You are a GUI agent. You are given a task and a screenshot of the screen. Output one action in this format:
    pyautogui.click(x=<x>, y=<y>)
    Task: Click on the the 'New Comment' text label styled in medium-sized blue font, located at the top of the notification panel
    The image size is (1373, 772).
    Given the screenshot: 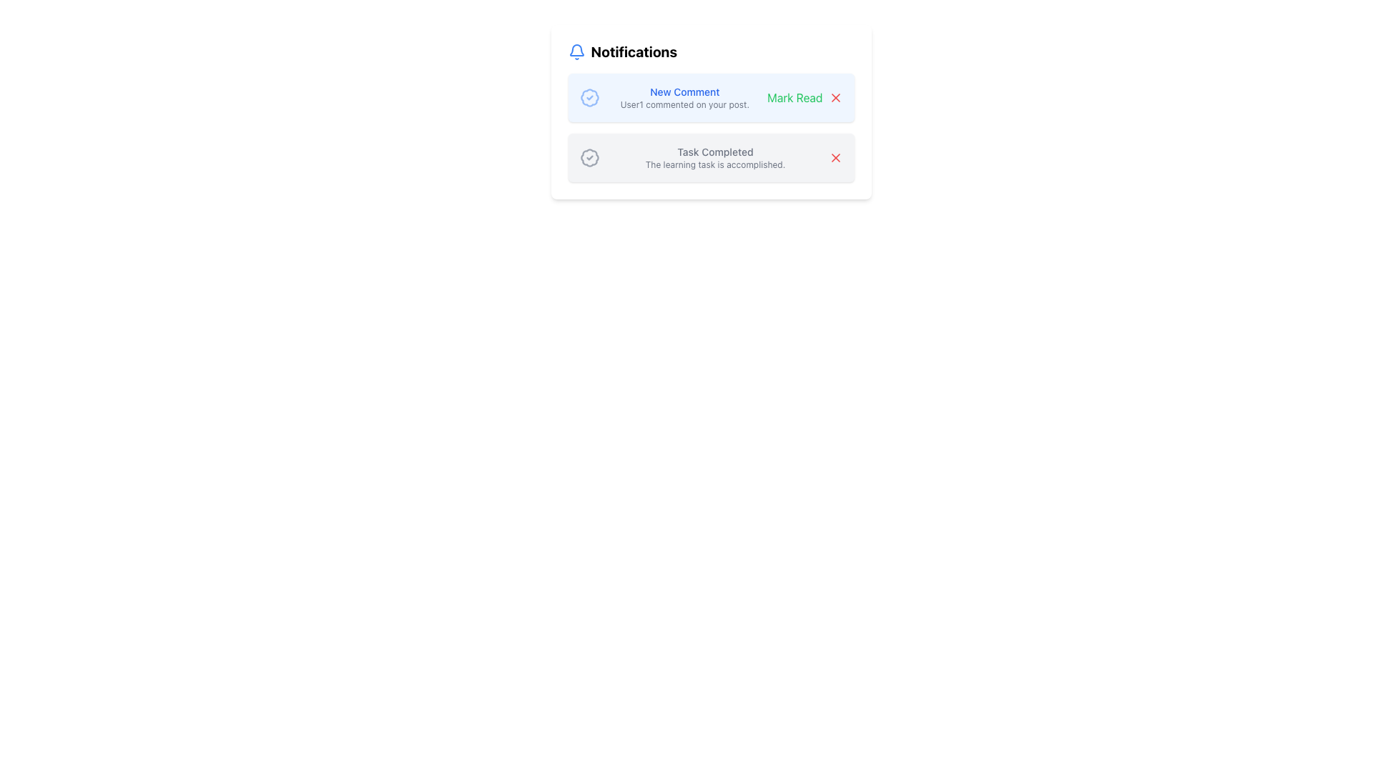 What is the action you would take?
    pyautogui.click(x=684, y=91)
    